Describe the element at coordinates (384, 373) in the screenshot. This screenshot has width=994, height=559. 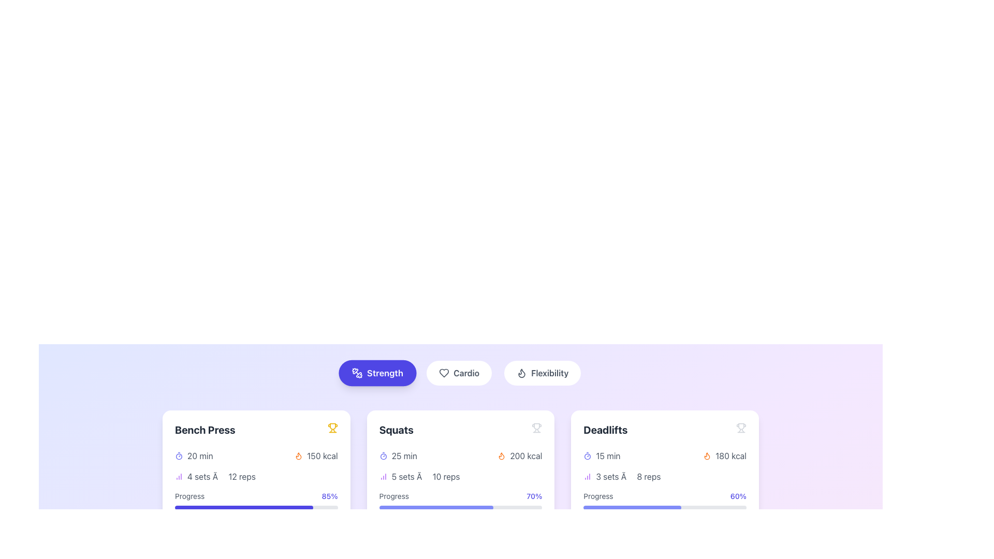
I see `the 'Strength' text label on the blue rounded rectangular button to interact with it` at that location.